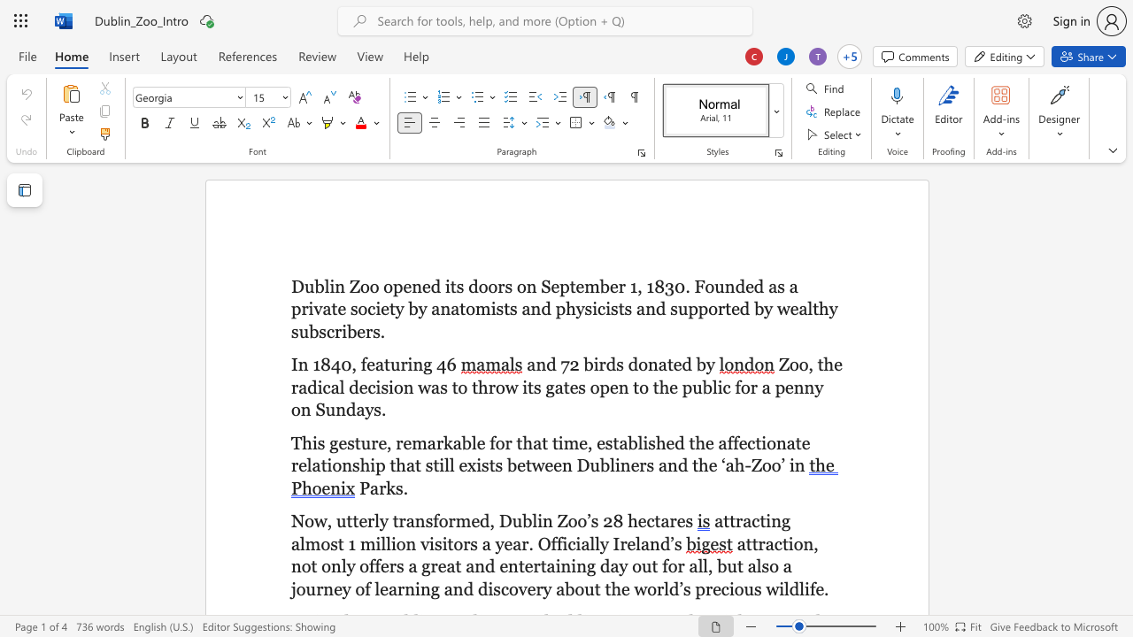  Describe the element at coordinates (771, 464) in the screenshot. I see `the space between the continuous character "o" and "o" in the text` at that location.